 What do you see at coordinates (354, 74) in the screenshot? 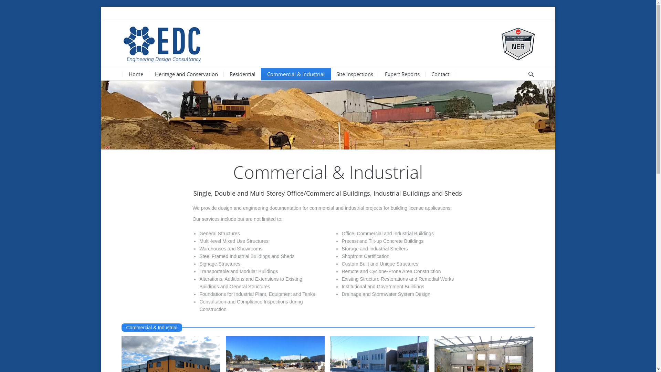
I see `'Site Inspections'` at bounding box center [354, 74].